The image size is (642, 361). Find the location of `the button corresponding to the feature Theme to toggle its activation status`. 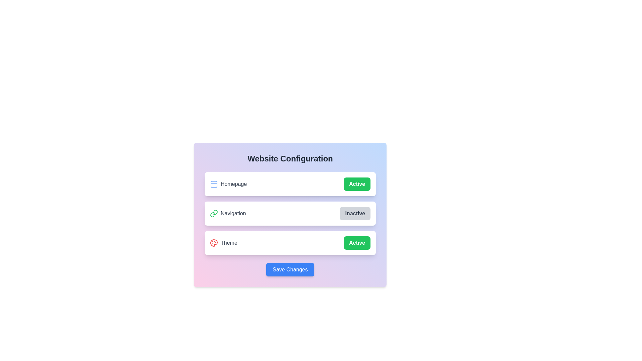

the button corresponding to the feature Theme to toggle its activation status is located at coordinates (356, 243).